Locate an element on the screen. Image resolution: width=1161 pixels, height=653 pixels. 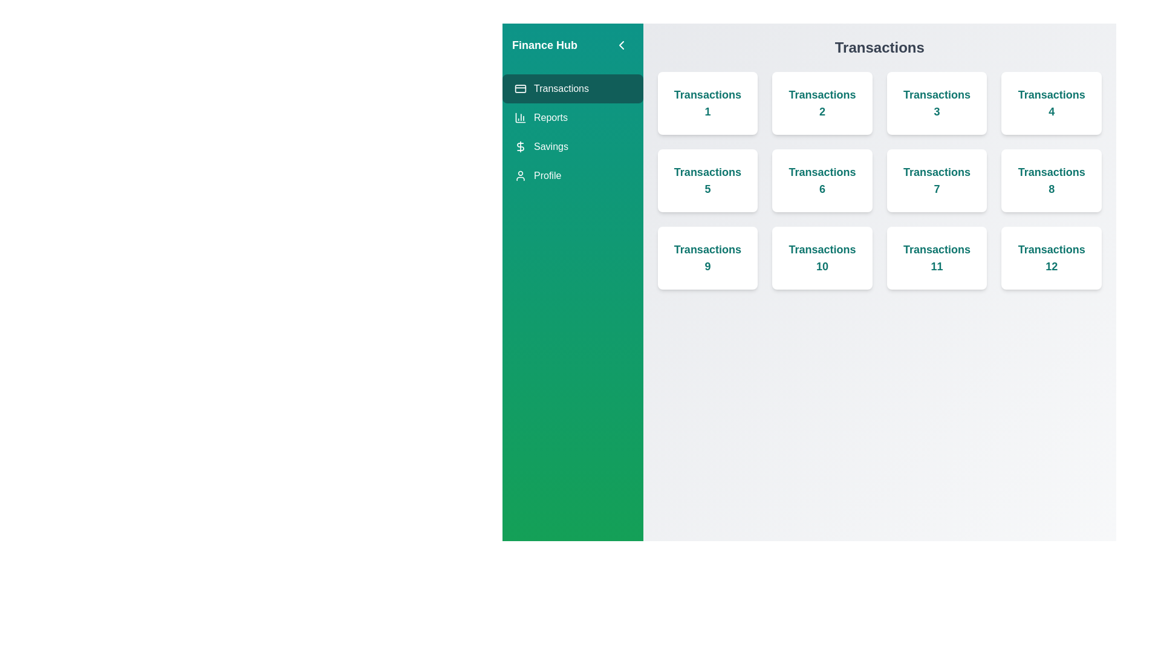
the sidebar header element Reports is located at coordinates (572, 118).